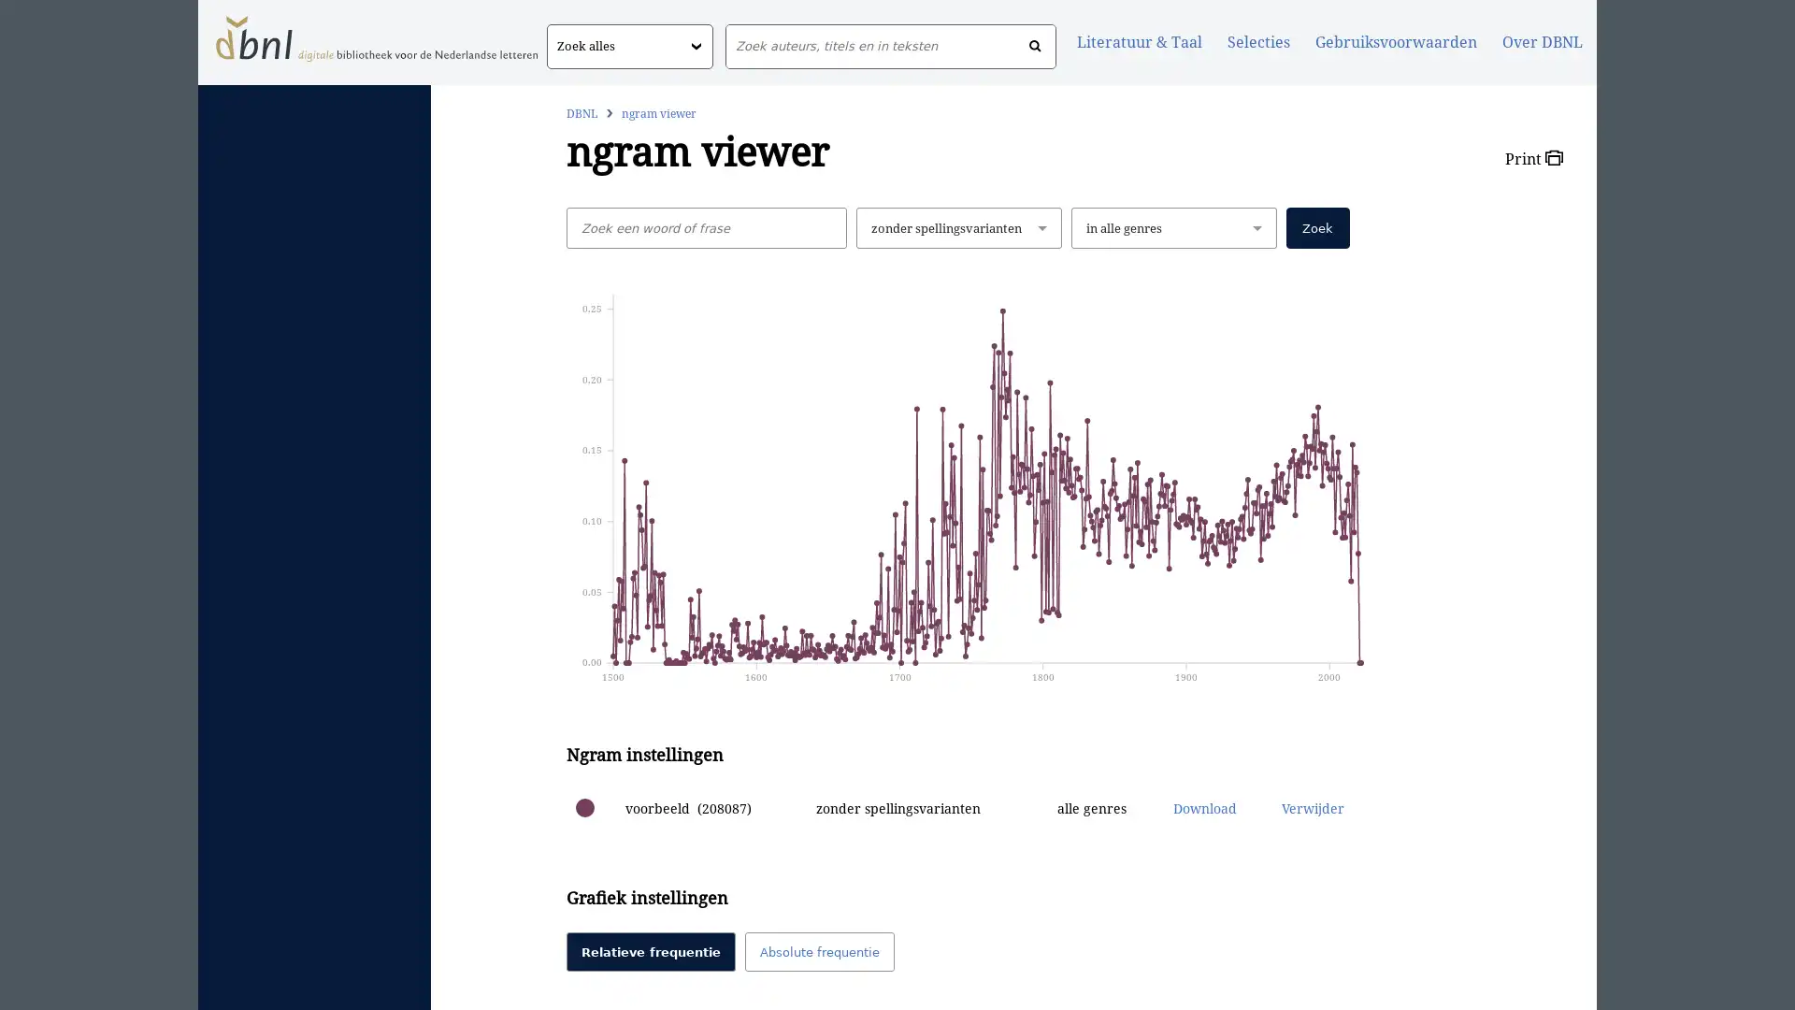 The image size is (1795, 1010). I want to click on Relatieve frequentie, so click(650, 952).